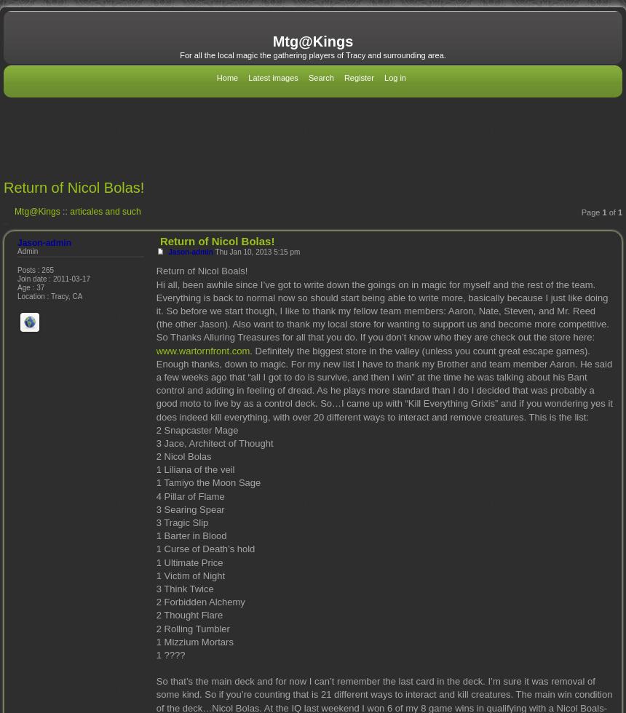 The height and width of the screenshot is (713, 626). Describe the element at coordinates (28, 250) in the screenshot. I see `'Admin'` at that location.